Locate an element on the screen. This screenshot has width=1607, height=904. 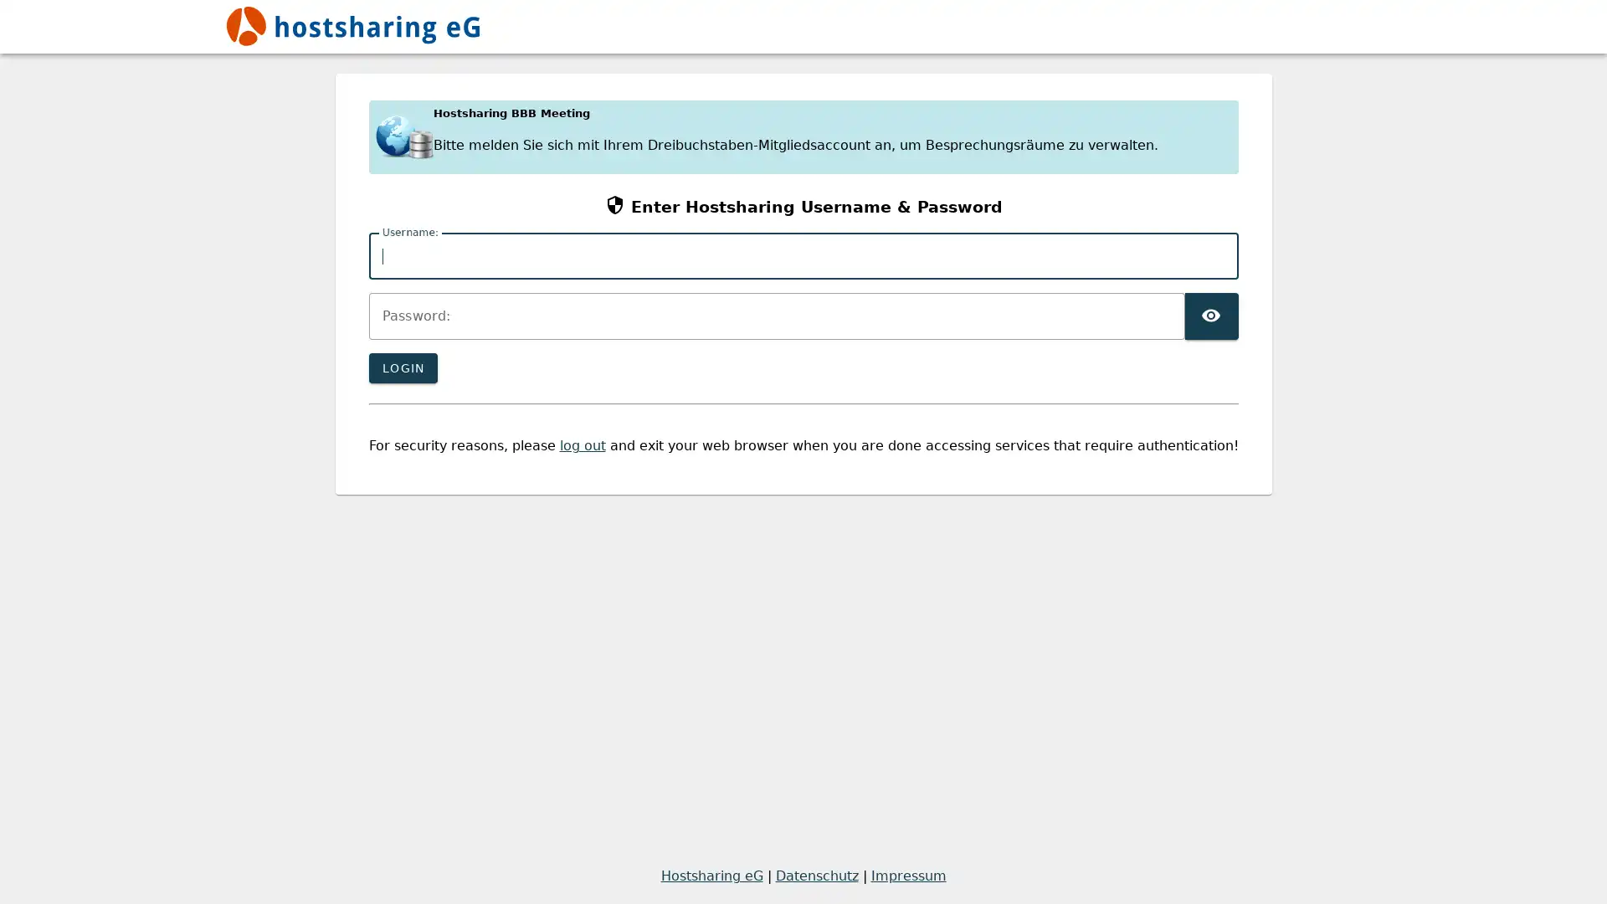
LOGIN is located at coordinates (402, 367).